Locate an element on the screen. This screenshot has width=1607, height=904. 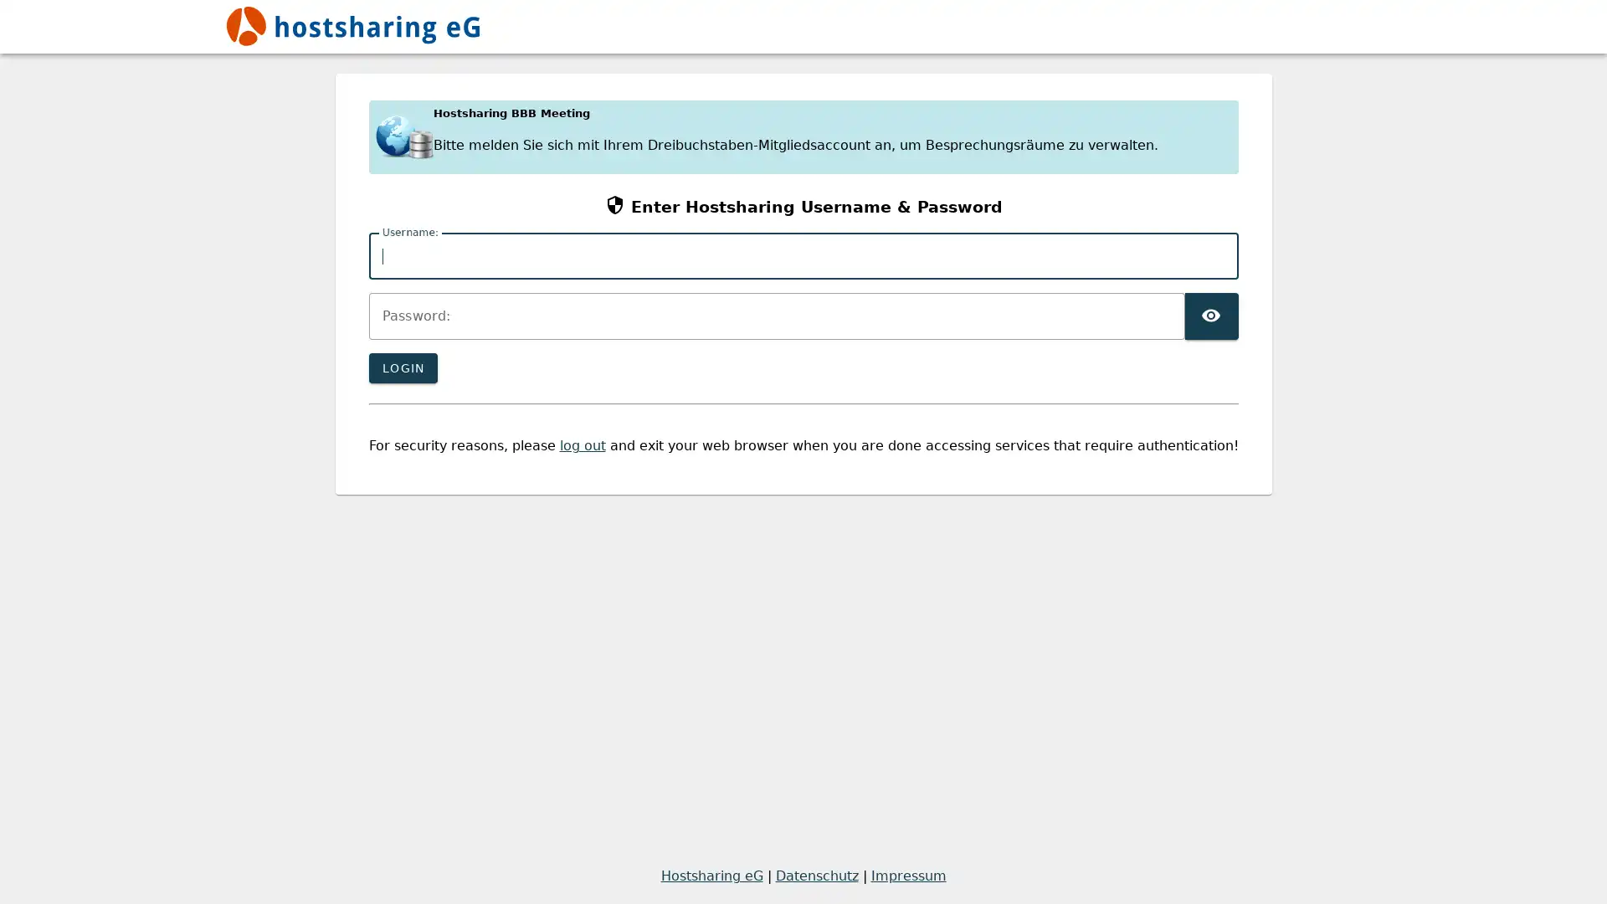
LOGIN is located at coordinates (402, 367).